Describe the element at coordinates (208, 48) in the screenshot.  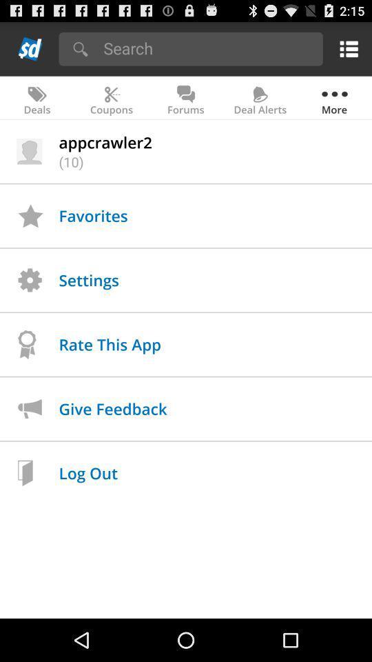
I see `look up content` at that location.